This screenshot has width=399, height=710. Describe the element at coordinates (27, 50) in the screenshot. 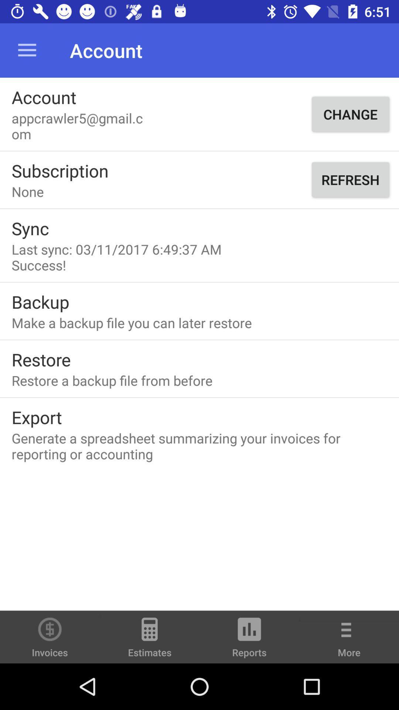

I see `icon next to the account icon` at that location.